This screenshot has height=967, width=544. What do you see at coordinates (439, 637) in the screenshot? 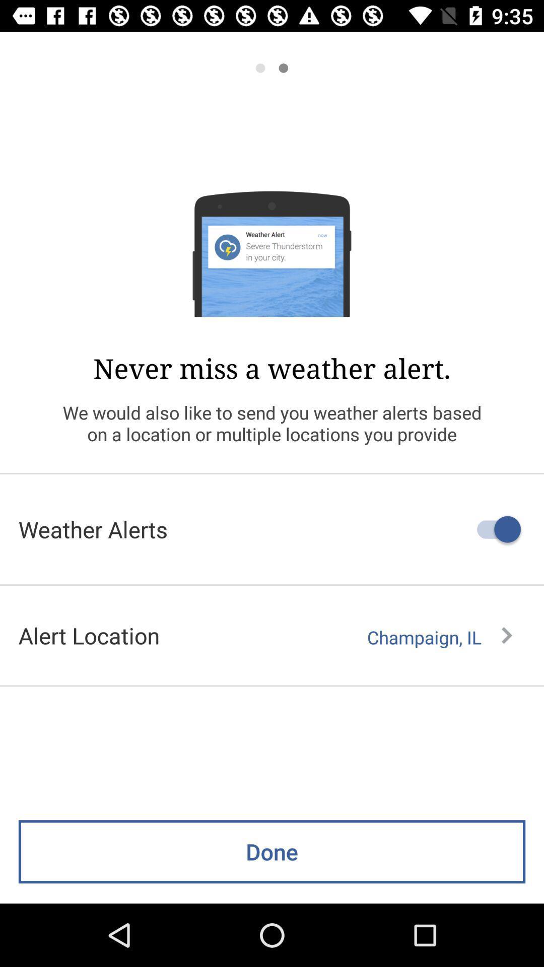
I see `the icon next to the alert location` at bounding box center [439, 637].